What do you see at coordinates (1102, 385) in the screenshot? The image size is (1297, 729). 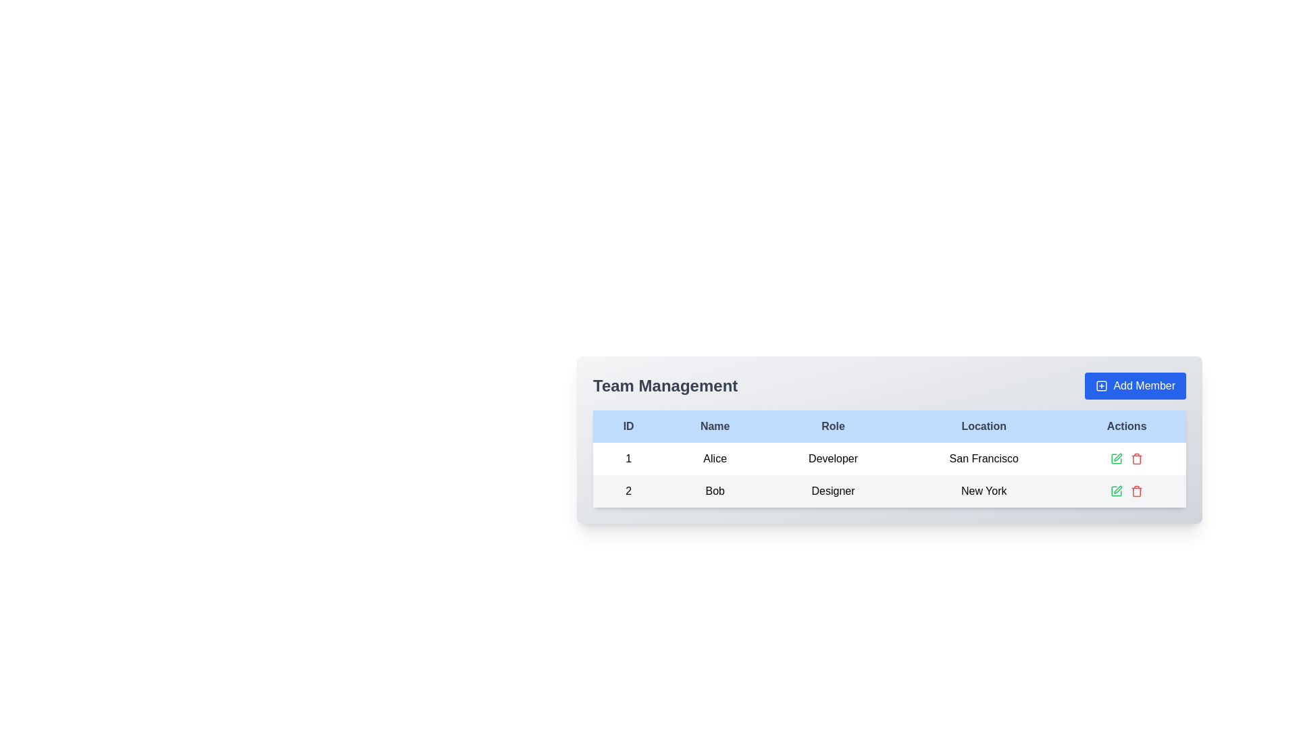 I see `the 'Add Member' icon located to the left of the text within the blue button` at bounding box center [1102, 385].